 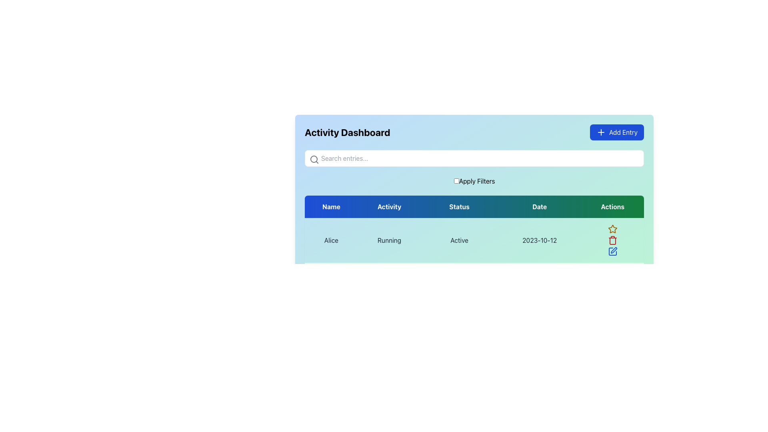 I want to click on the Text Label that identifies the user or entity named 'Alice' in the first row of the activity log table under the 'Name' column, so click(x=331, y=240).